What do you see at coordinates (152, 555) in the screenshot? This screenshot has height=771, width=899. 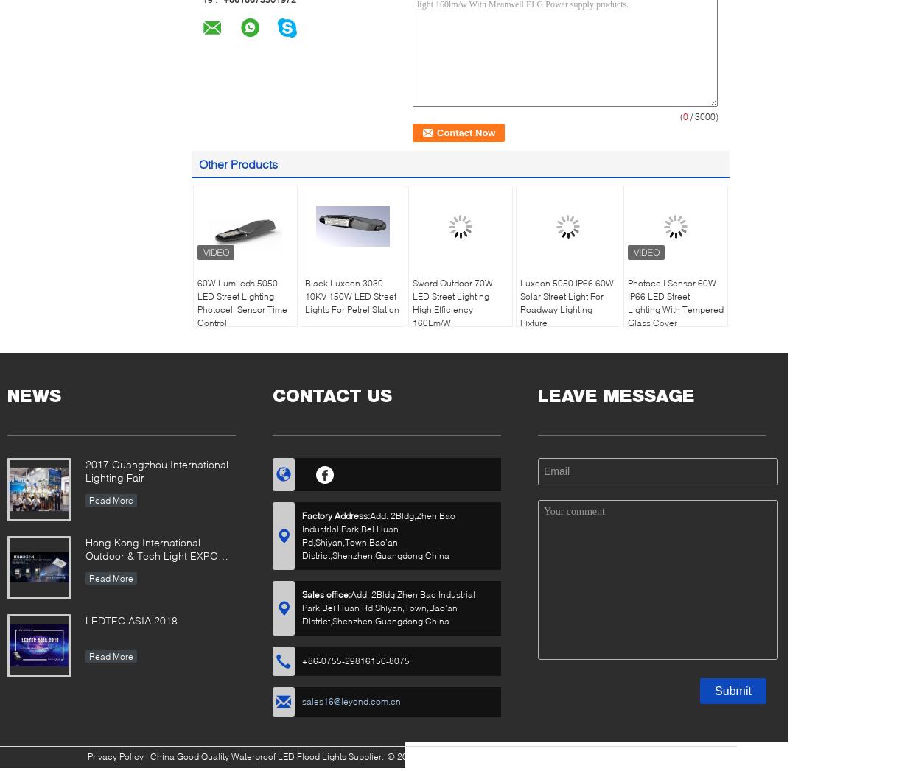 I see `'Hong Kong International Outdoor & Tech Light EXPO 2019'` at bounding box center [152, 555].